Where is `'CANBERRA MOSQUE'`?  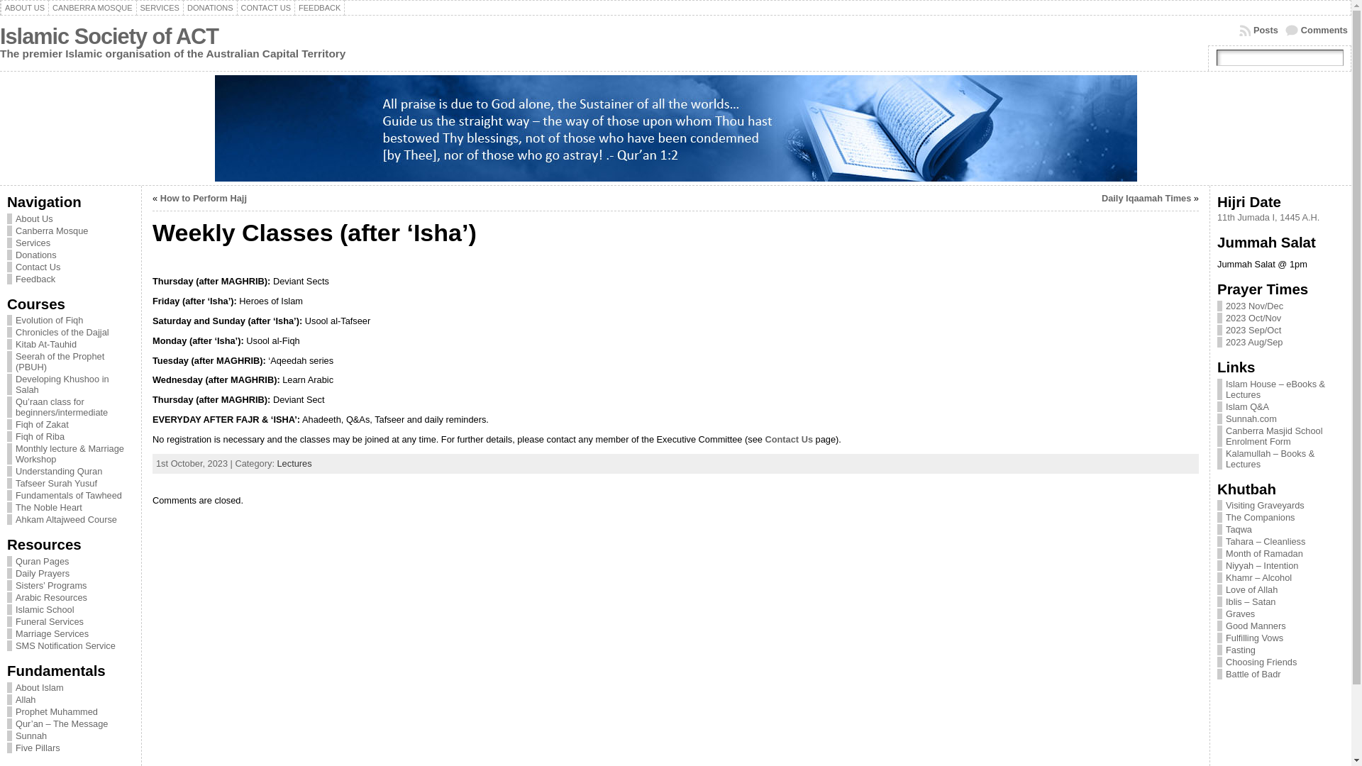
'CANBERRA MOSQUE' is located at coordinates (91, 8).